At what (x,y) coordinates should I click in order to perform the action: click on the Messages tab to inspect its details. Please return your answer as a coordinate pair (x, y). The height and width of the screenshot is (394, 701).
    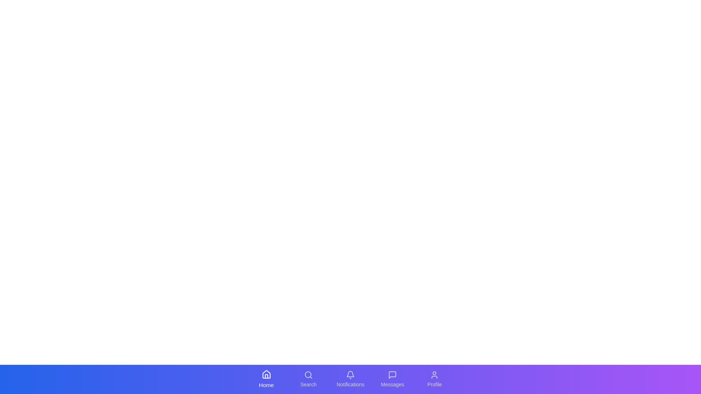
    Looking at the image, I should click on (392, 379).